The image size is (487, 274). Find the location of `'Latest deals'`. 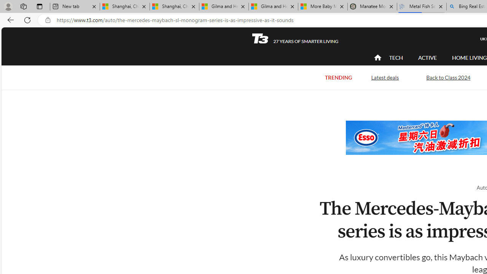

'Latest deals' is located at coordinates (385, 77).